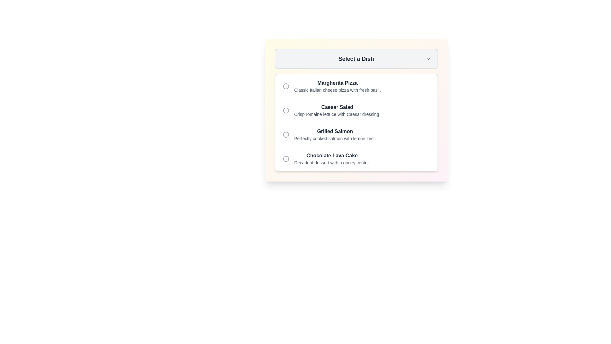 This screenshot has width=611, height=344. I want to click on the text label that indicates the purpose of the dropdown selection area, which is located near the top center of the interface, to the left of a small chevron-down icon, so click(356, 59).